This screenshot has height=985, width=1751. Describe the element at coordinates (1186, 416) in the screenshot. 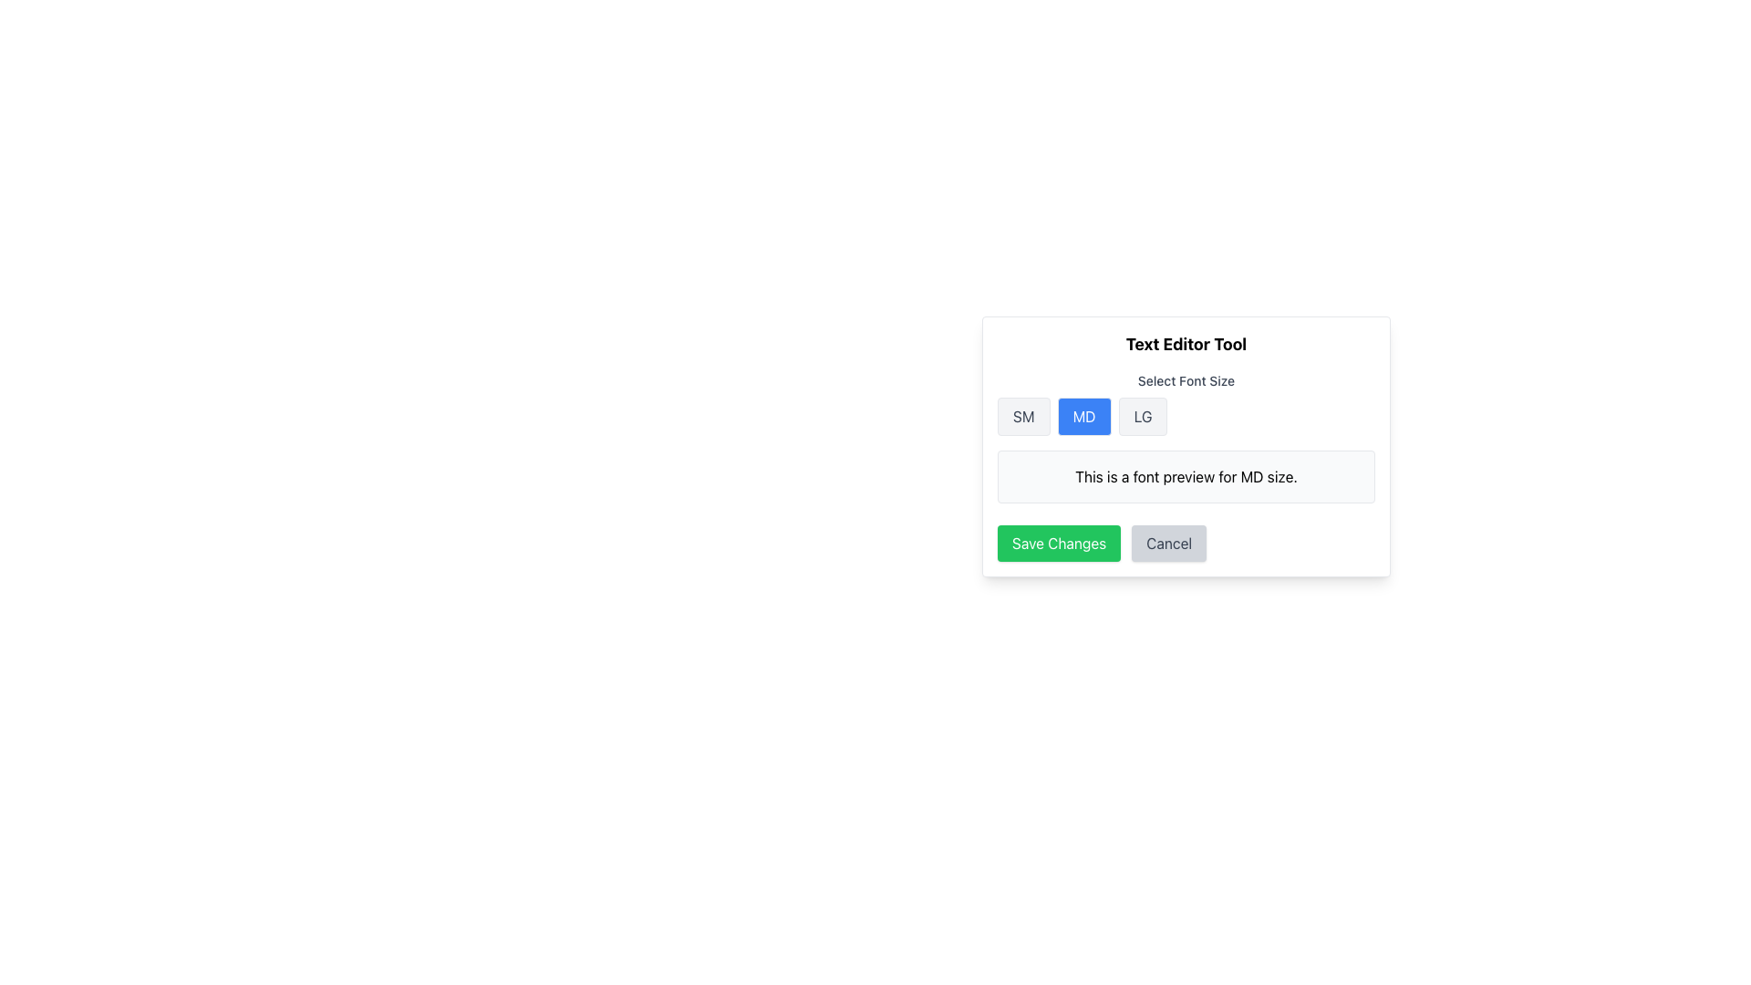

I see `the group of buttons for font size selection ('SM', 'MD', 'LG')` at that location.